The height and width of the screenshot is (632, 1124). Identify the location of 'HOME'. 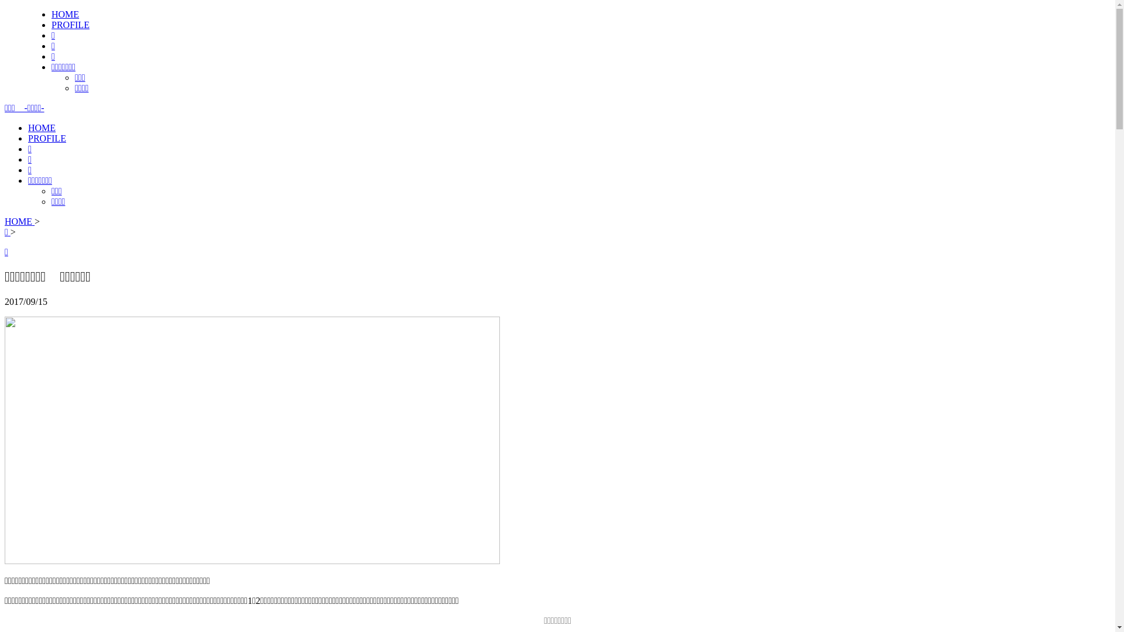
(64, 14).